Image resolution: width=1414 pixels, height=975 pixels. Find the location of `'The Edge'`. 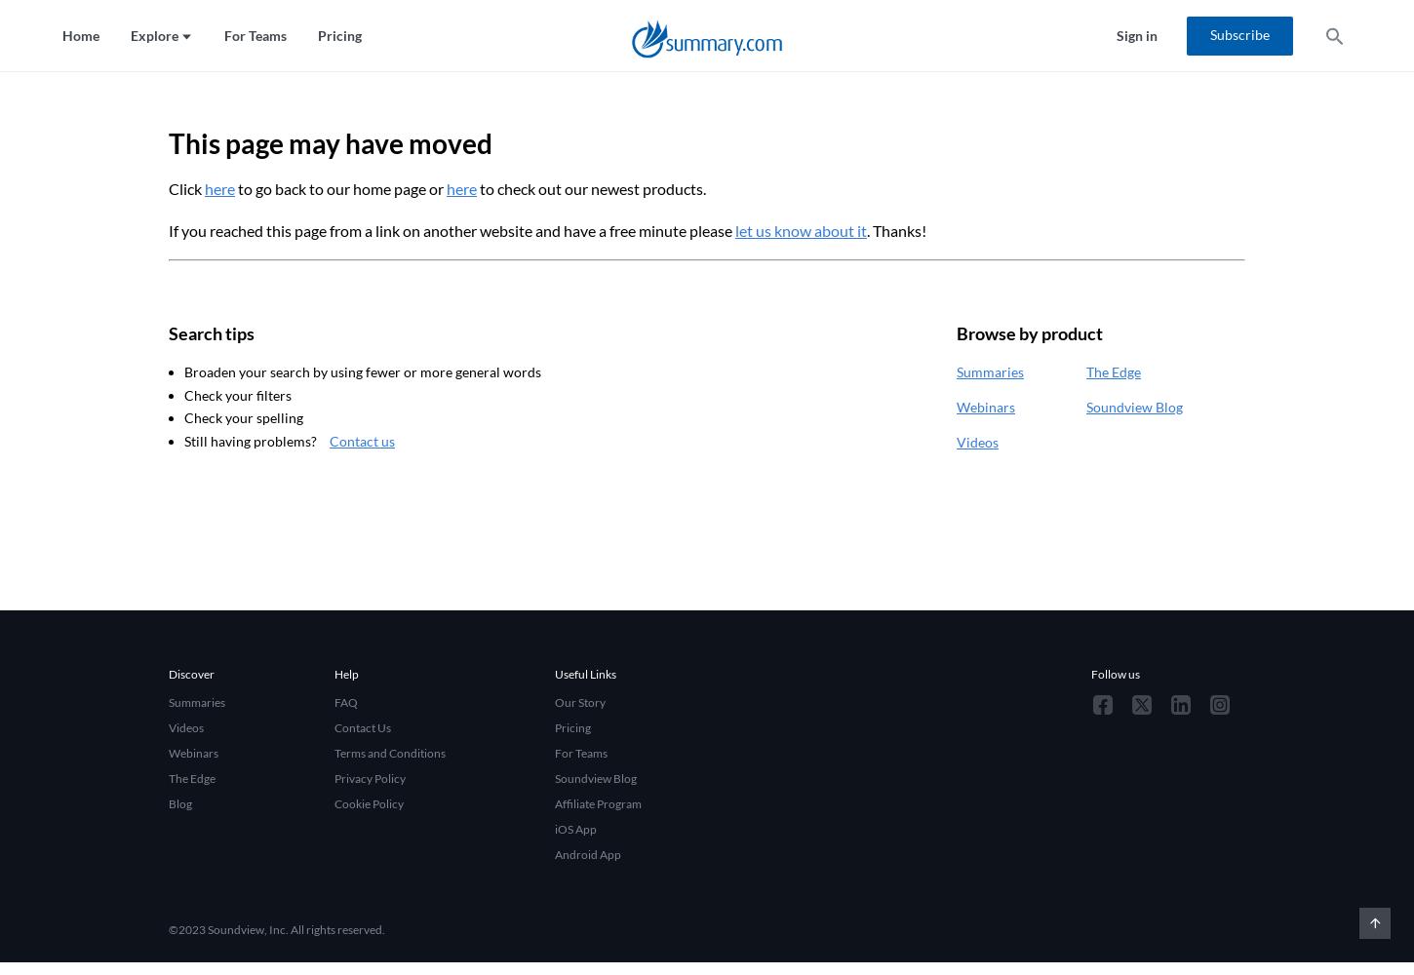

'The Edge' is located at coordinates (1113, 370).